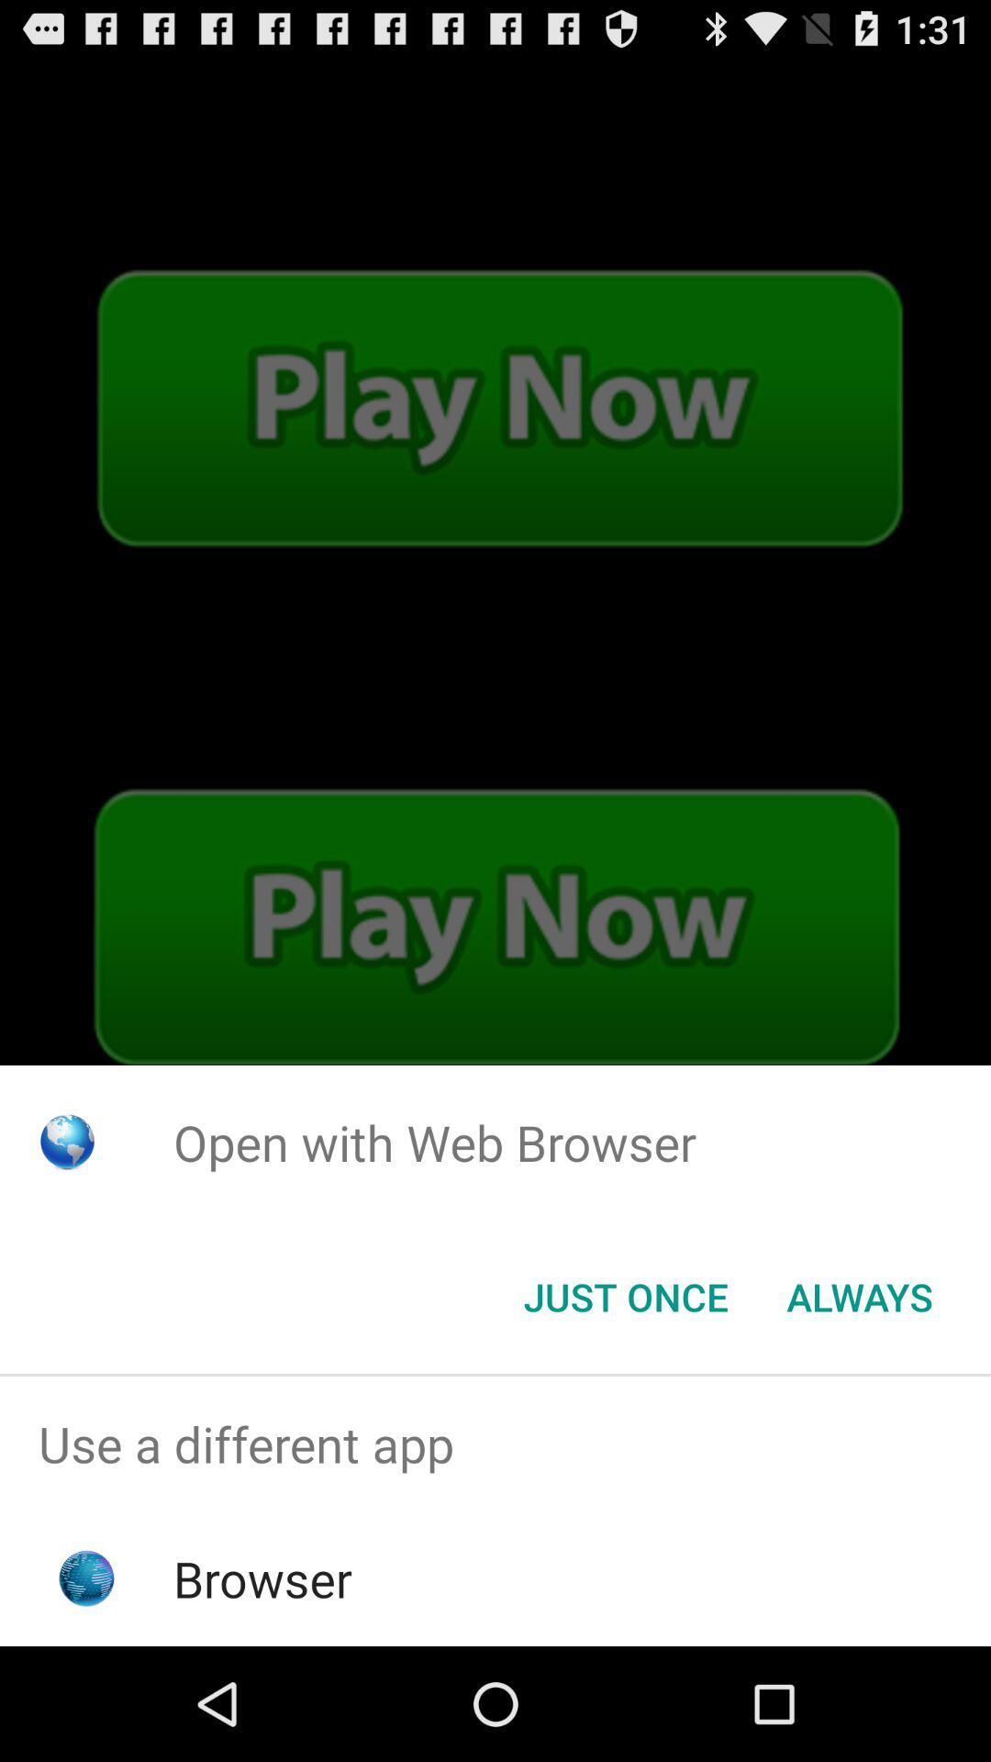 This screenshot has height=1762, width=991. I want to click on the use a different, so click(495, 1443).